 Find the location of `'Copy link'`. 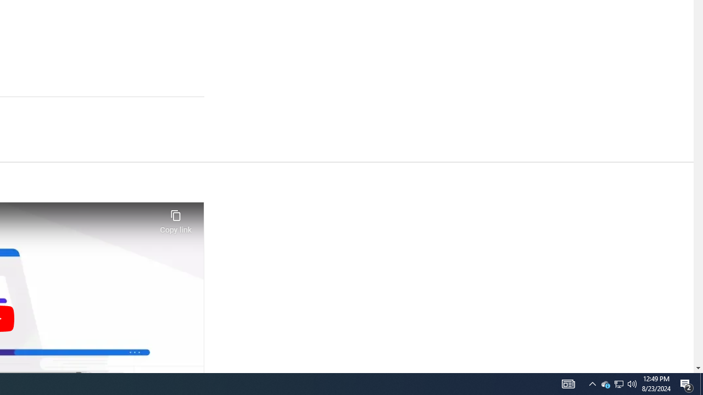

'Copy link' is located at coordinates (176, 218).